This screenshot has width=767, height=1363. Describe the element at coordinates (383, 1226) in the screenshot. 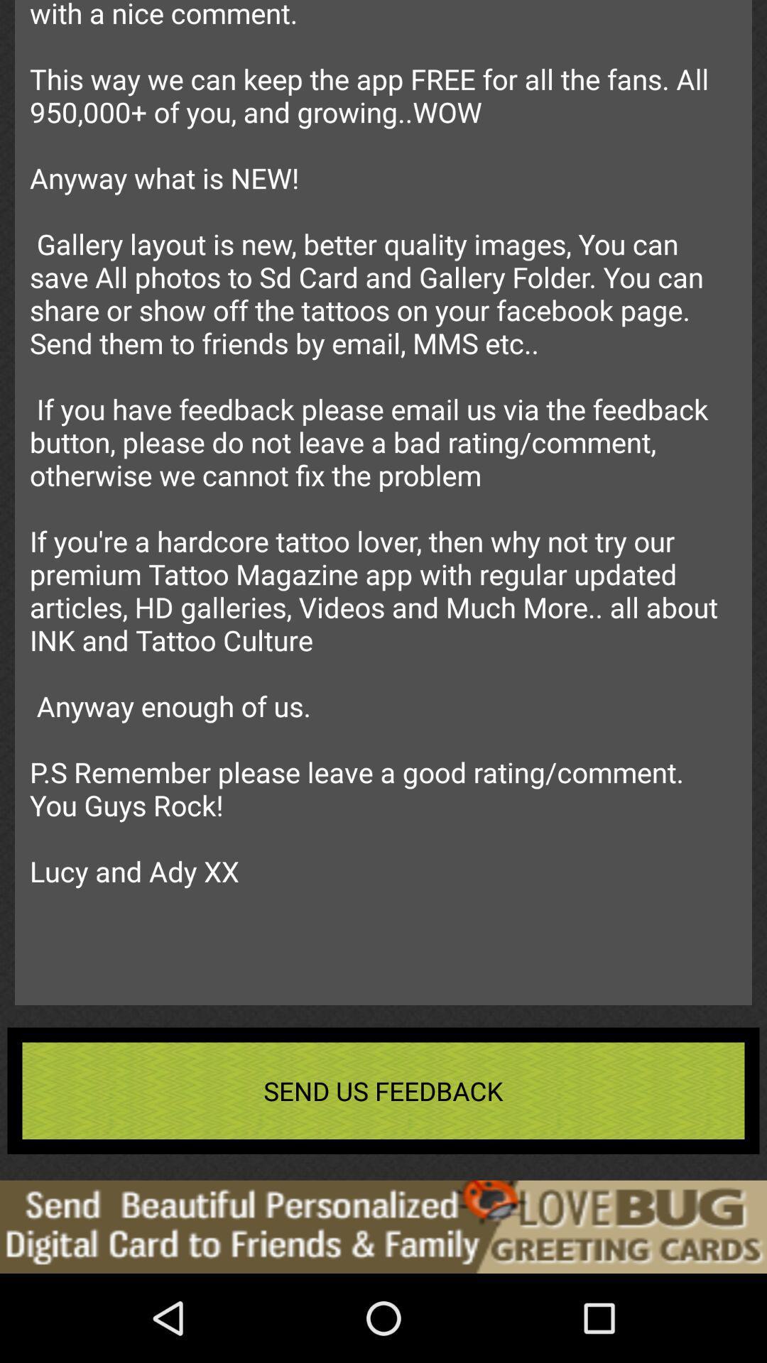

I see `advertising` at that location.